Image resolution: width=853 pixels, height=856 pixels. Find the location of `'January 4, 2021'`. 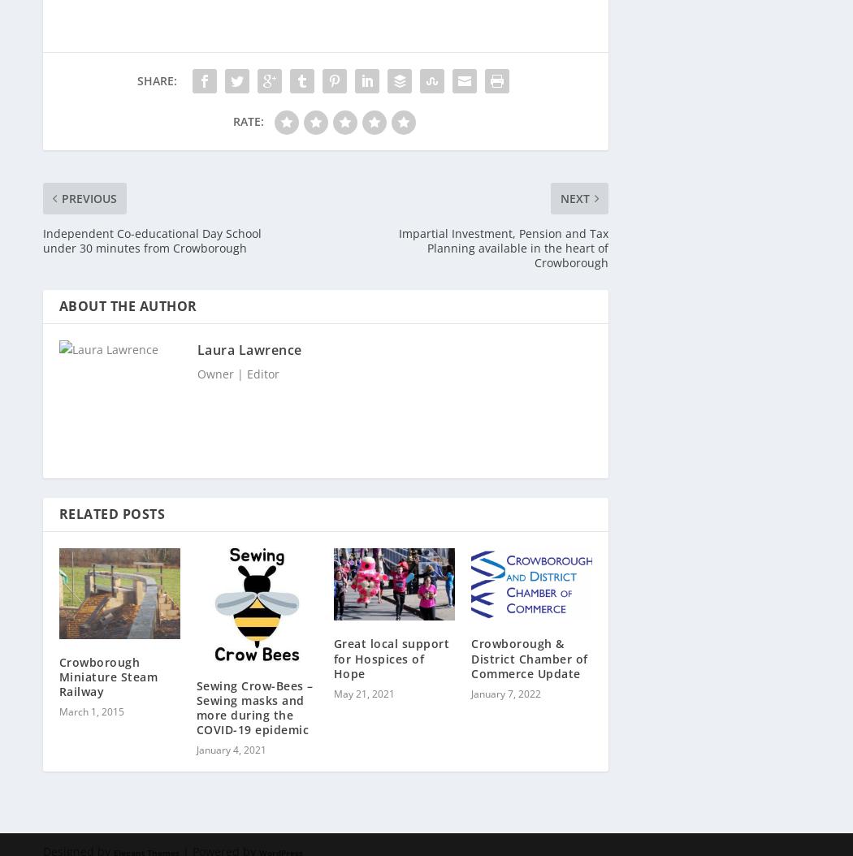

'January 4, 2021' is located at coordinates (230, 741).